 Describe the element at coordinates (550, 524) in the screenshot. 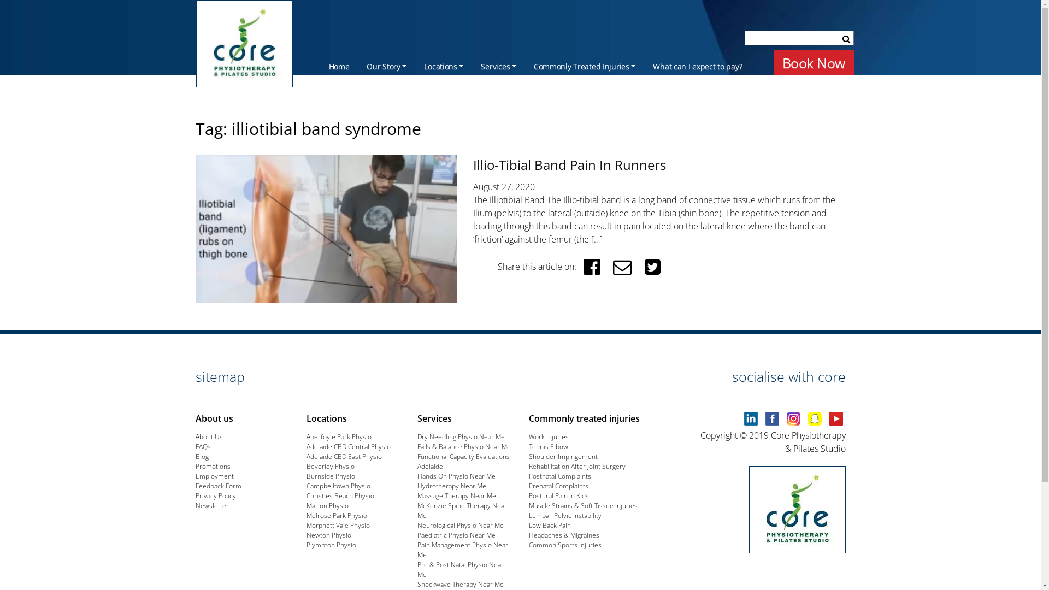

I see `'Low Back Pain'` at that location.